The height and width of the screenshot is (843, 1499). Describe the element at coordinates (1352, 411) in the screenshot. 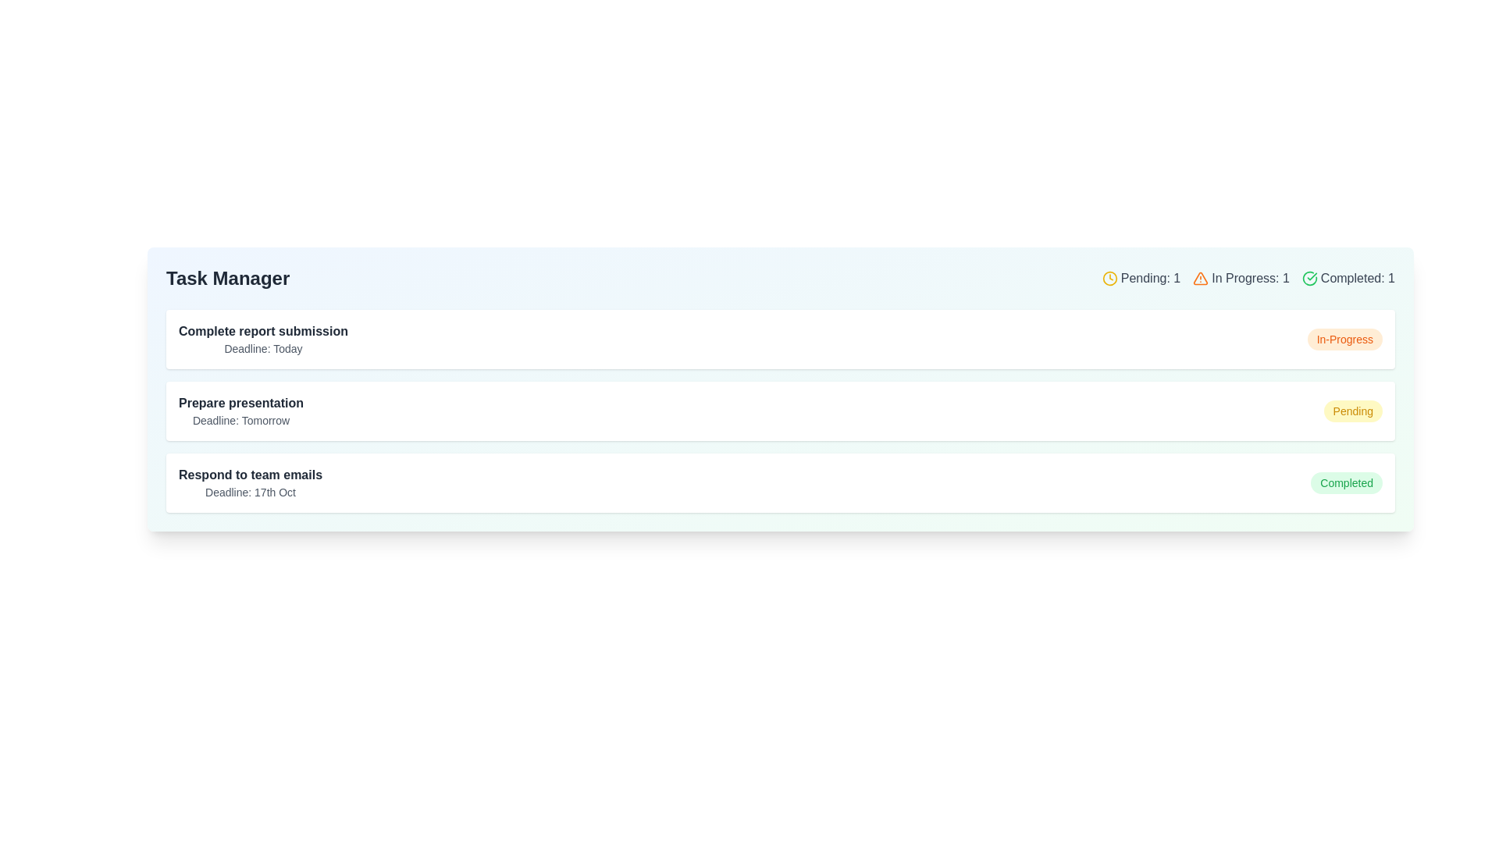

I see `status from the oval-shaped yellow badge displaying 'Pending' to understand the task's state` at that location.